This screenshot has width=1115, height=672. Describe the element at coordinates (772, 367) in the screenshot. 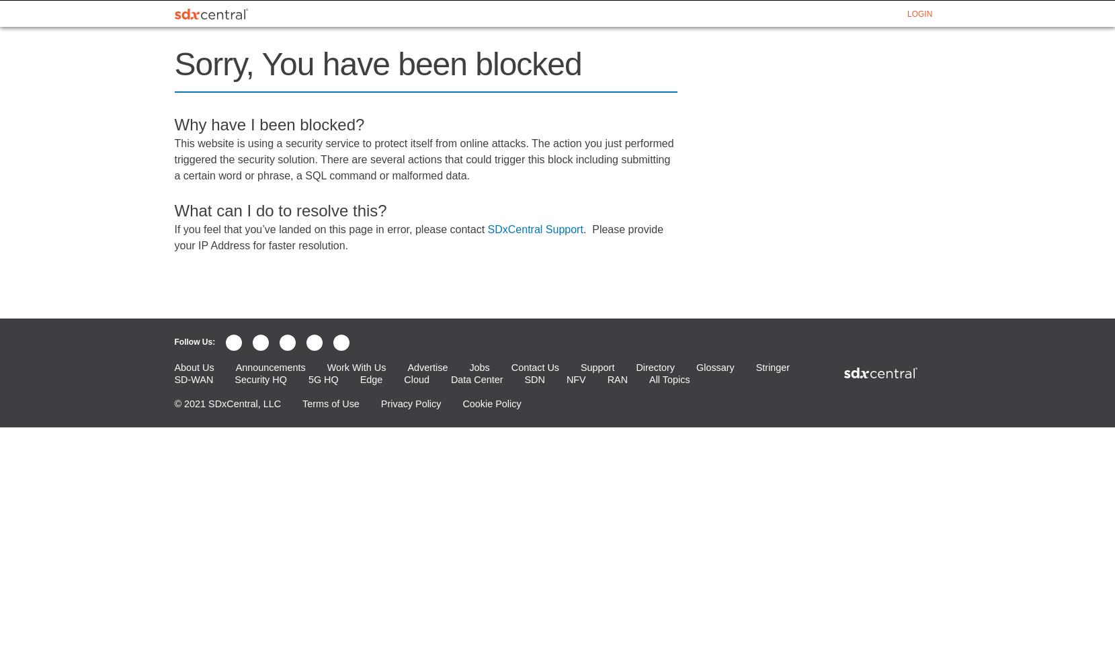

I see `'Stringer'` at that location.